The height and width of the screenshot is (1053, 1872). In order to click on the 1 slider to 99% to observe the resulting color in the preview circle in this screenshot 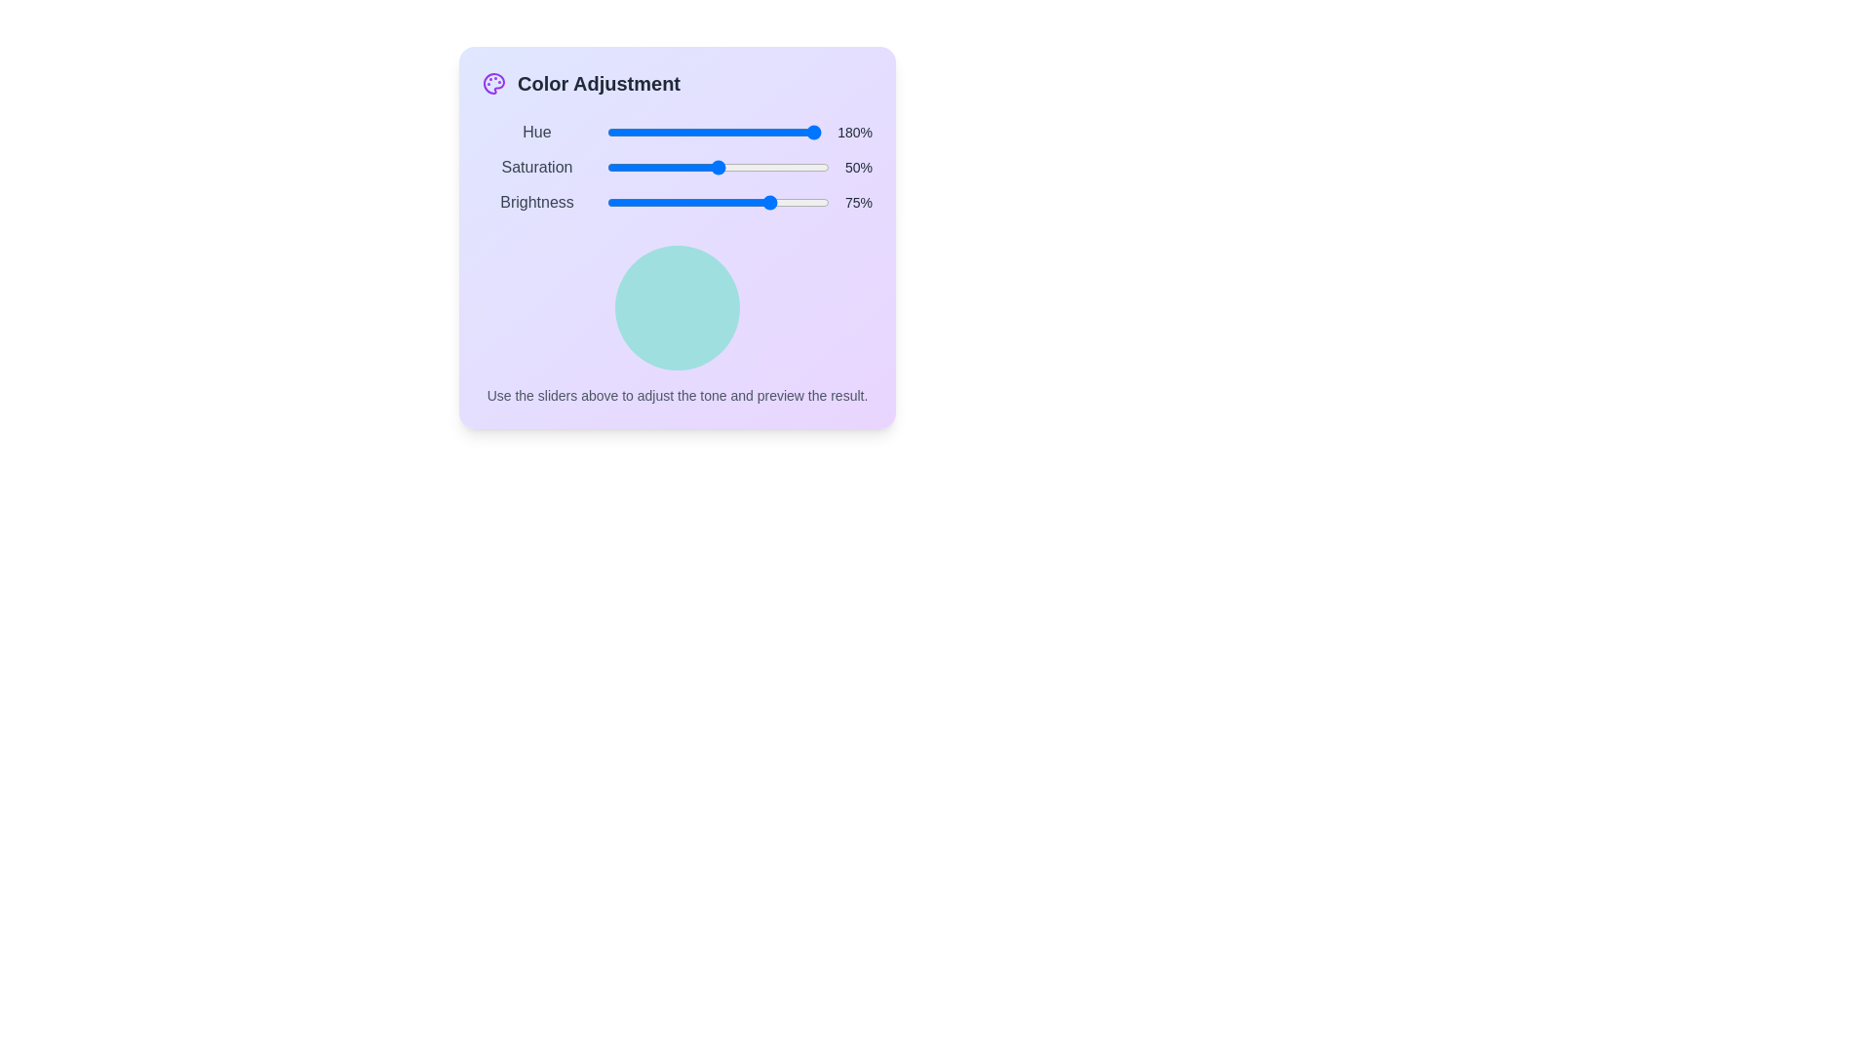, I will do `click(819, 167)`.